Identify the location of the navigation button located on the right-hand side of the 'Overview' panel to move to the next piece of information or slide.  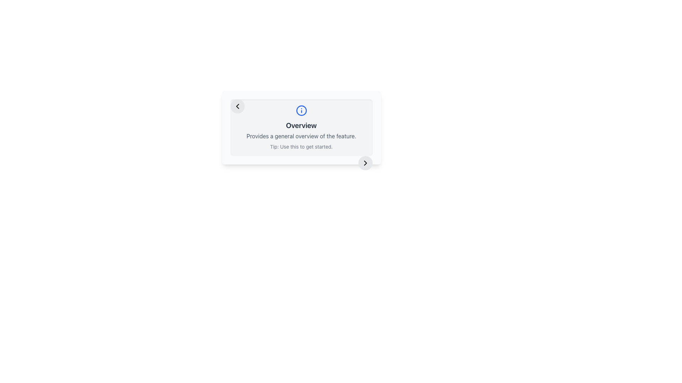
(365, 163).